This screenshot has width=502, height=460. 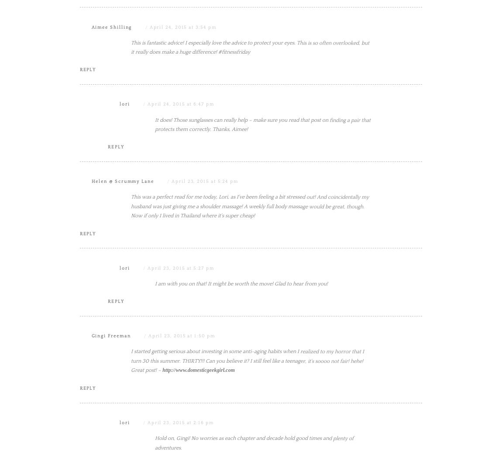 I want to click on 'Helen @ Scrummy Lane', so click(x=122, y=269).